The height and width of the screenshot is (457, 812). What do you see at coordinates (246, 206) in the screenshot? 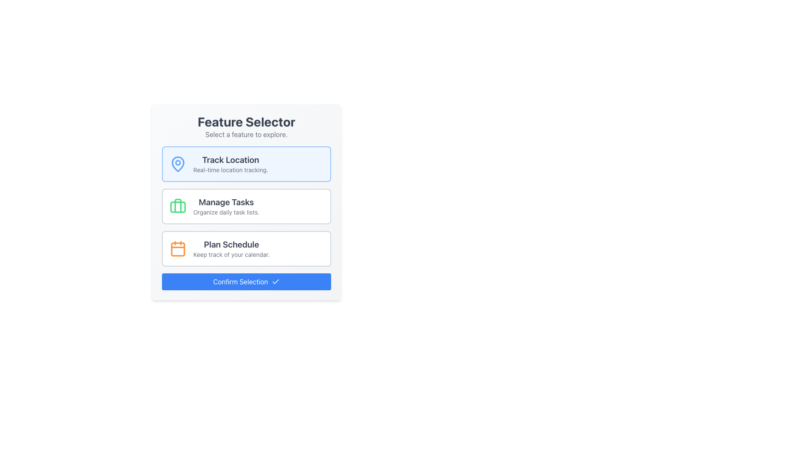
I see `the second button in the vertical stack of three buttons labeled under 'Feature Selector'` at bounding box center [246, 206].